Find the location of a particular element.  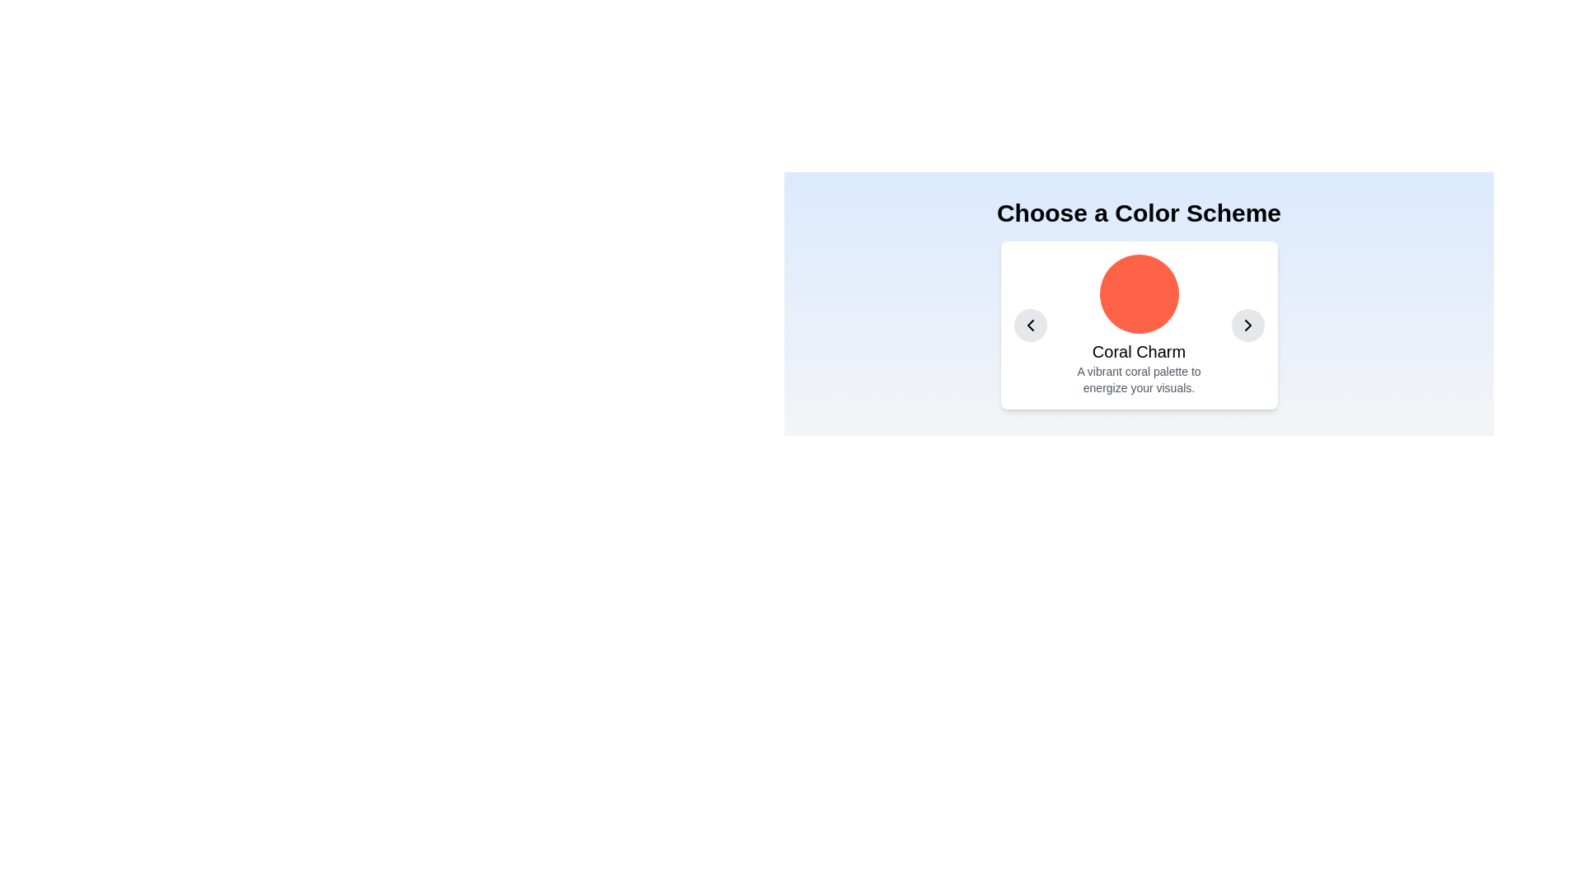

the right-facing chevron arrow icon within the circular button located on the right side of the card below the 'Choose a Color Scheme' heading is located at coordinates (1247, 325).